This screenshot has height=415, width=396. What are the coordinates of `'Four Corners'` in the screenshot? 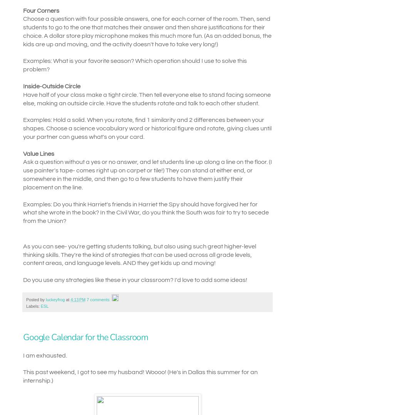 It's located at (41, 10).